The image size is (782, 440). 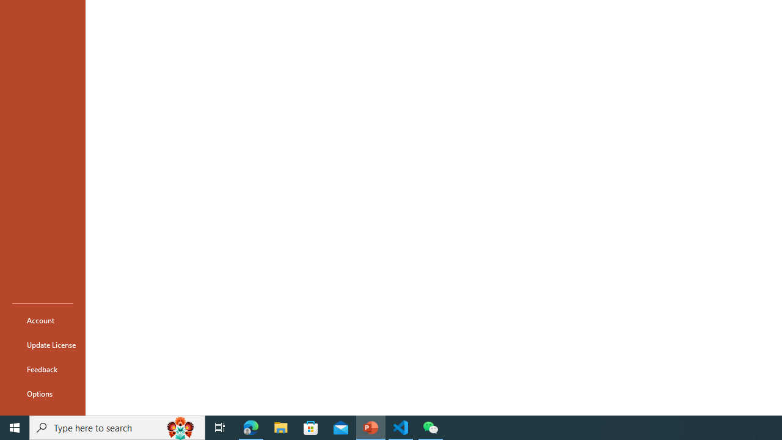 What do you see at coordinates (42, 320) in the screenshot?
I see `'Account'` at bounding box center [42, 320].